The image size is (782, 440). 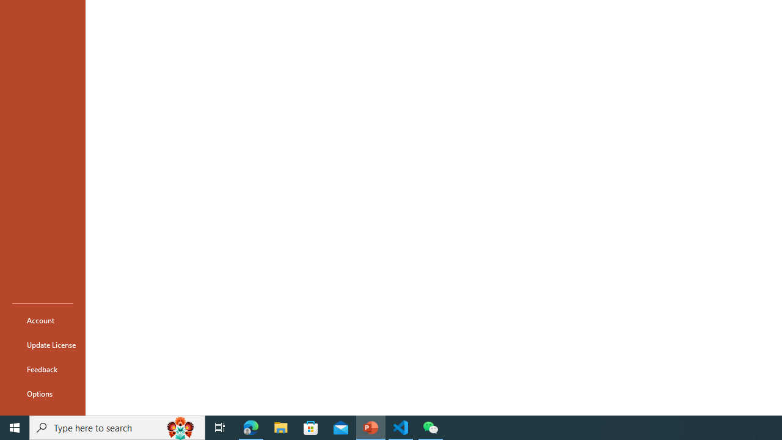 What do you see at coordinates (42, 320) in the screenshot?
I see `'Account'` at bounding box center [42, 320].